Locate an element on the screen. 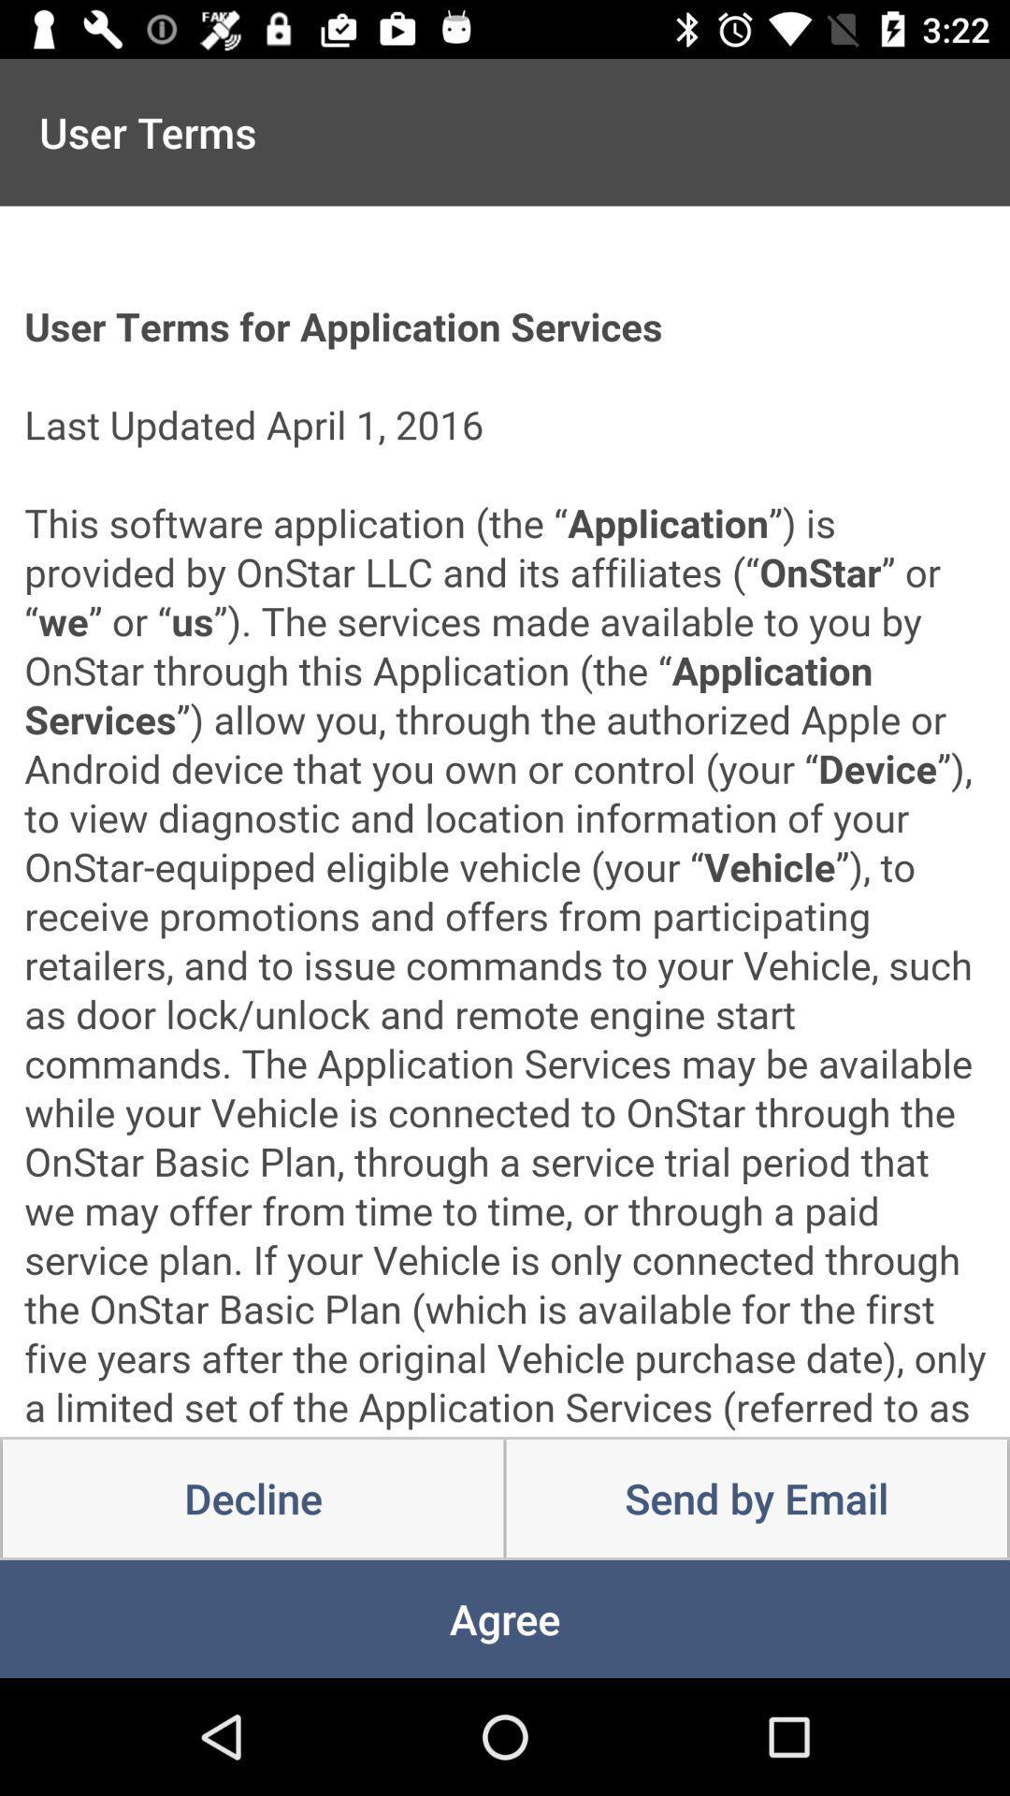 The image size is (1010, 1796). the agree is located at coordinates (505, 1618).